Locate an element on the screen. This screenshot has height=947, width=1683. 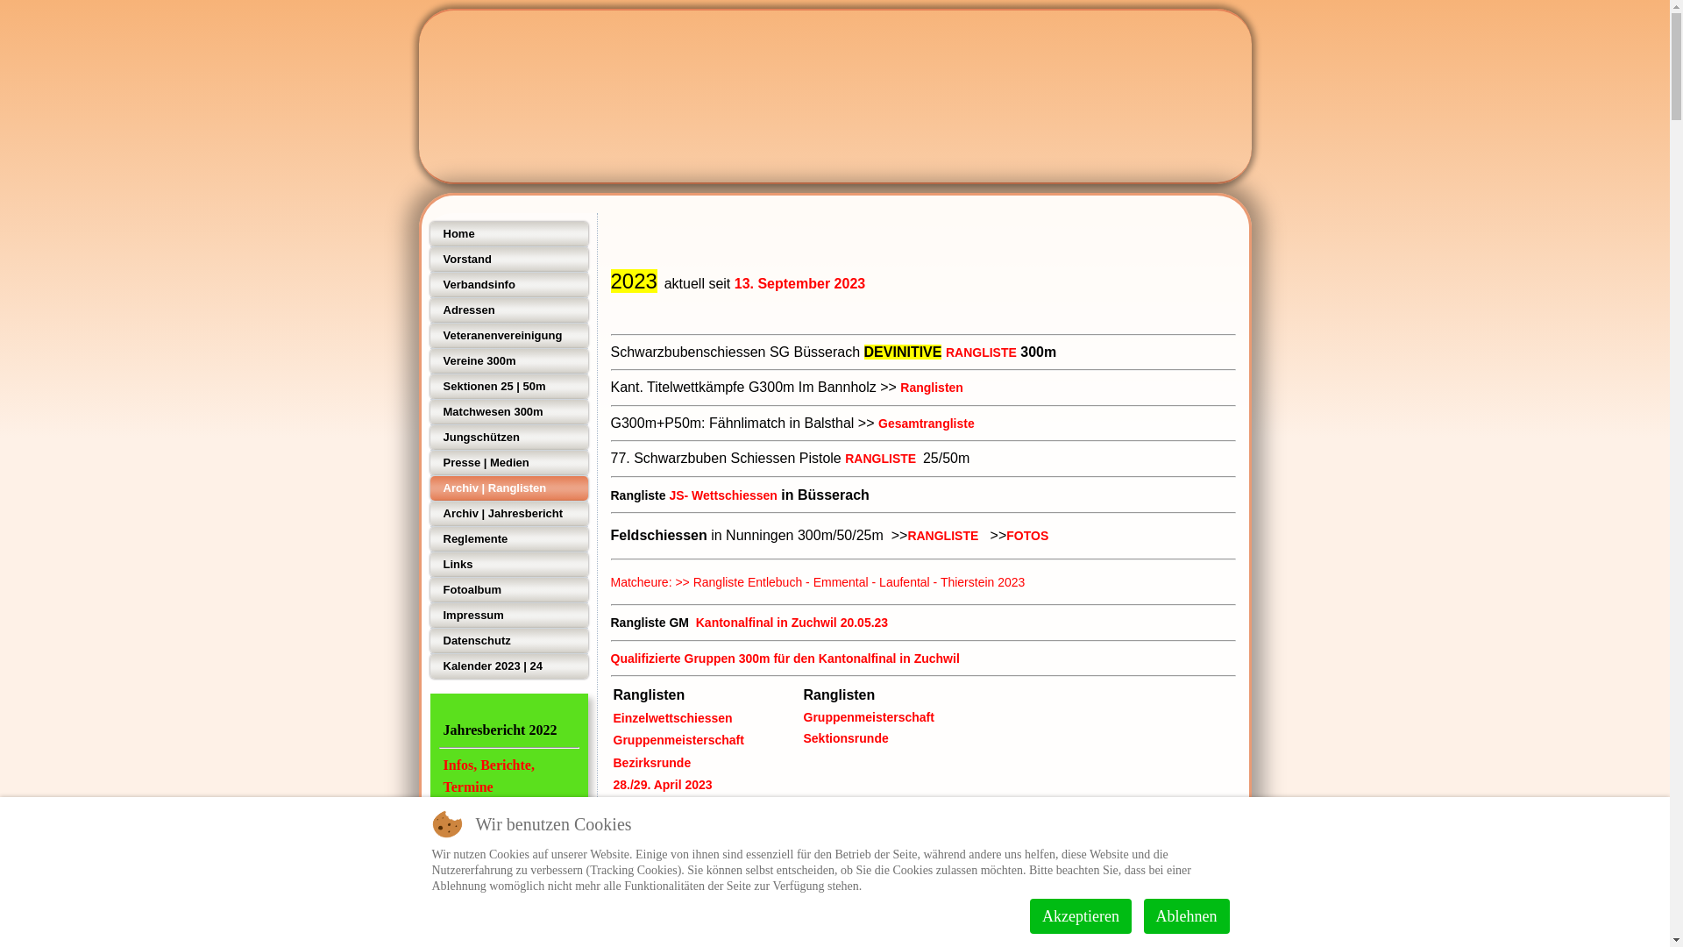
'Akzeptieren' is located at coordinates (1080, 915).